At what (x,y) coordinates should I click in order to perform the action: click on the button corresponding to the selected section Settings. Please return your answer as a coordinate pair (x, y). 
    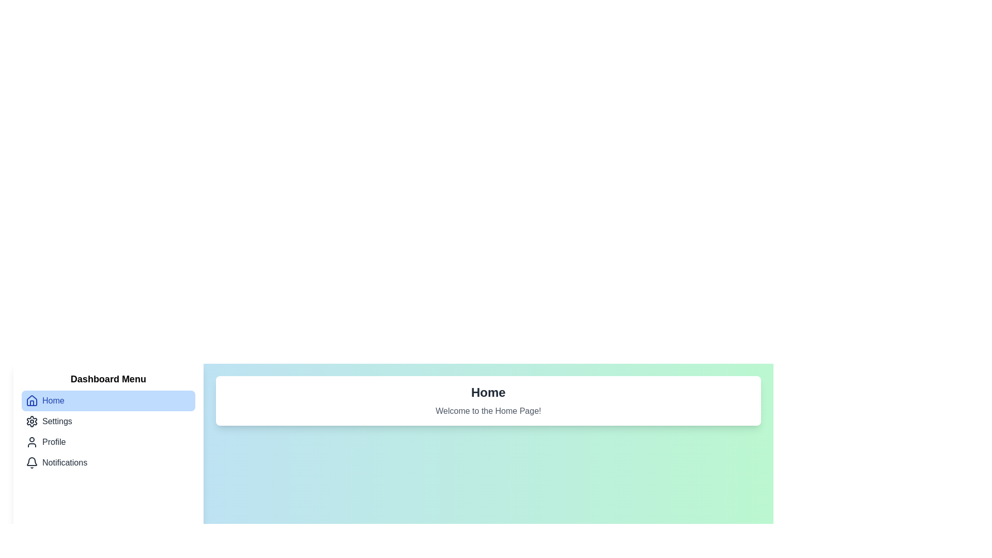
    Looking at the image, I should click on (108, 422).